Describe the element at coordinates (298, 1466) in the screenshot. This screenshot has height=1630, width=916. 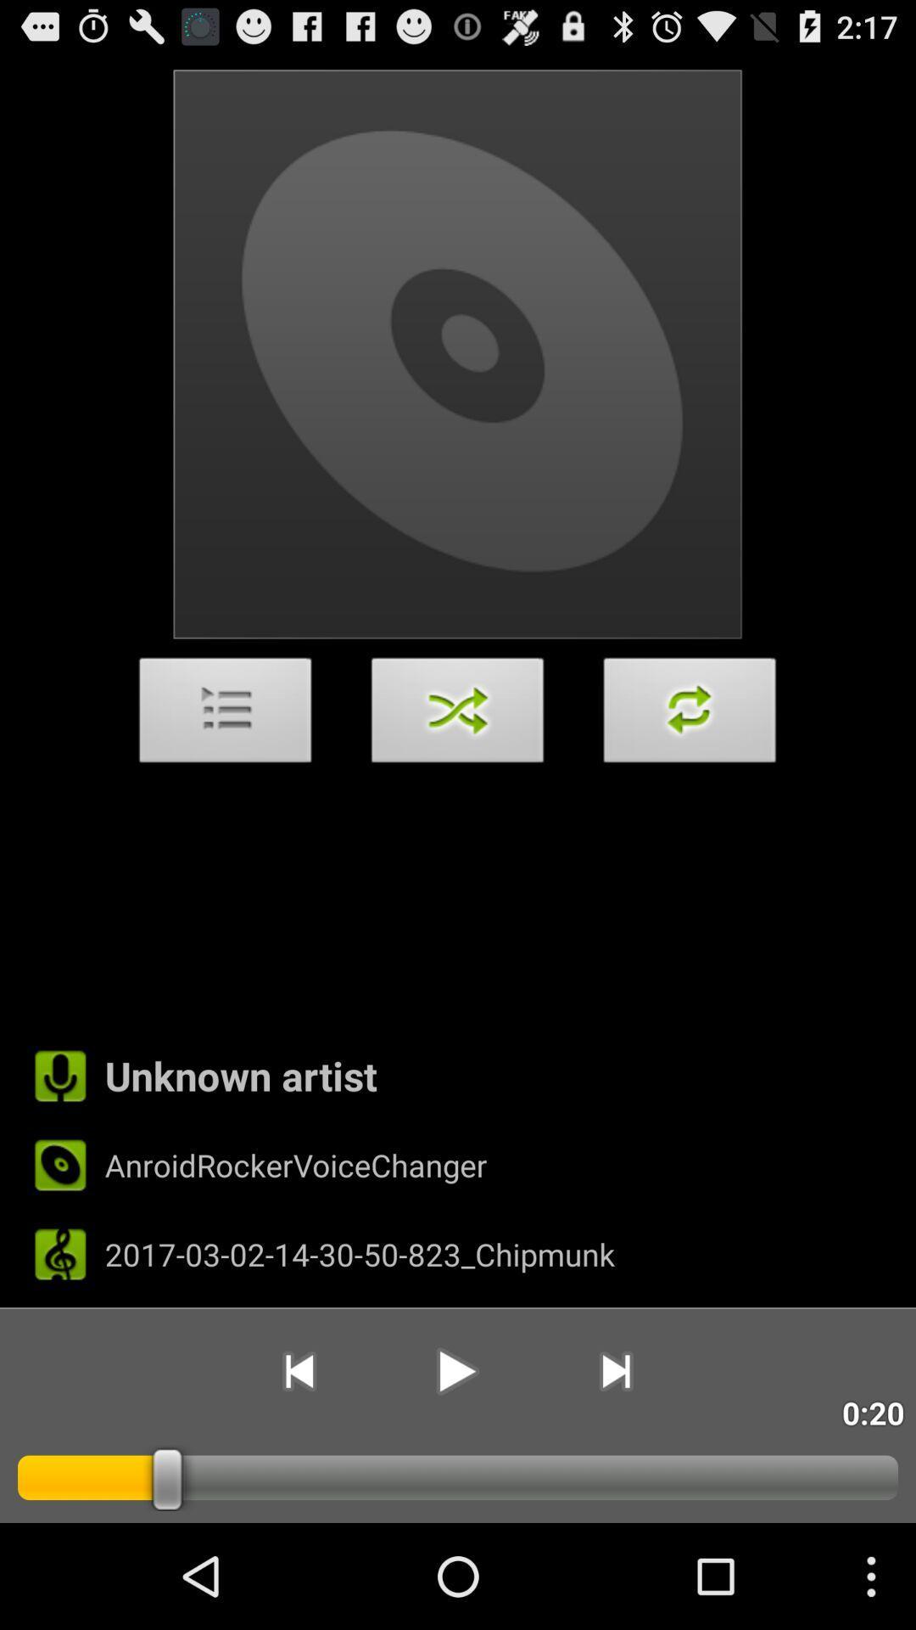
I see `the skip_previous icon` at that location.